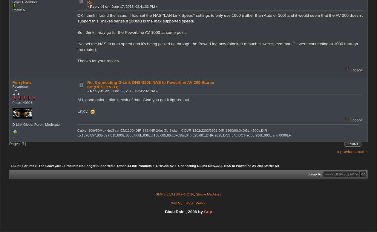 Image resolution: width=377 pixels, height=232 pixels. Describe the element at coordinates (99, 61) in the screenshot. I see `'Thanks for your replies.'` at that location.